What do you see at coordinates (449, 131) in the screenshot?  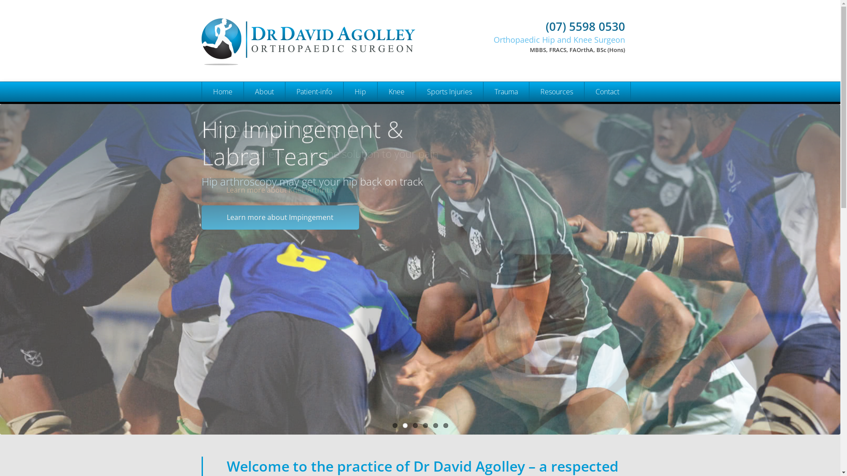 I see `'Hip Labral Tear'` at bounding box center [449, 131].